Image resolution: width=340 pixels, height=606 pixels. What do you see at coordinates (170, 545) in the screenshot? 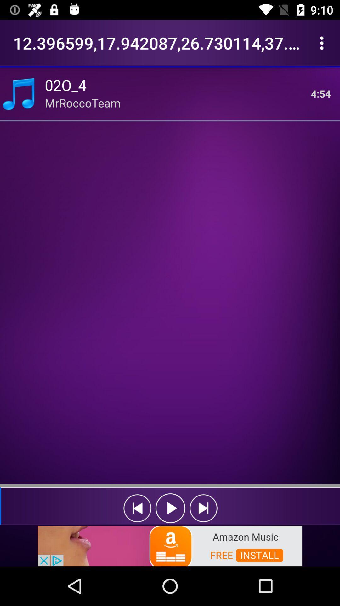
I see `advertisement` at bounding box center [170, 545].